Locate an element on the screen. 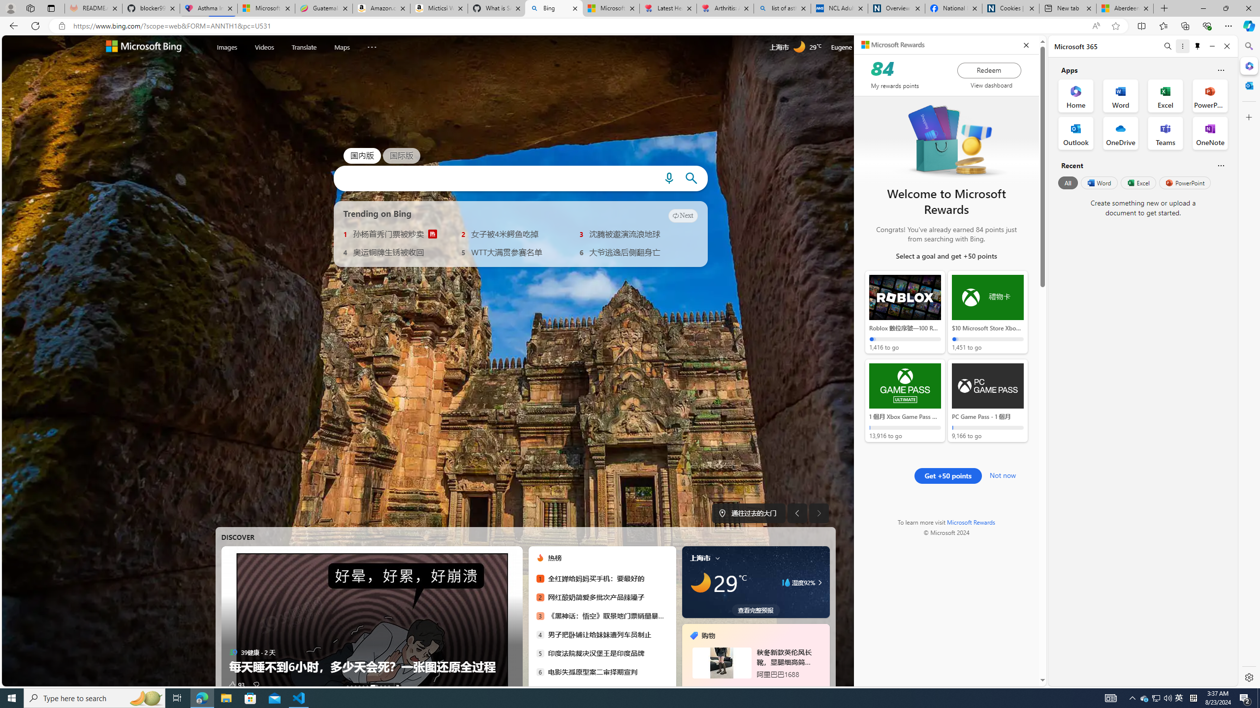 This screenshot has width=1260, height=708. 'list of asthma inhalers uk - Search' is located at coordinates (782, 8).